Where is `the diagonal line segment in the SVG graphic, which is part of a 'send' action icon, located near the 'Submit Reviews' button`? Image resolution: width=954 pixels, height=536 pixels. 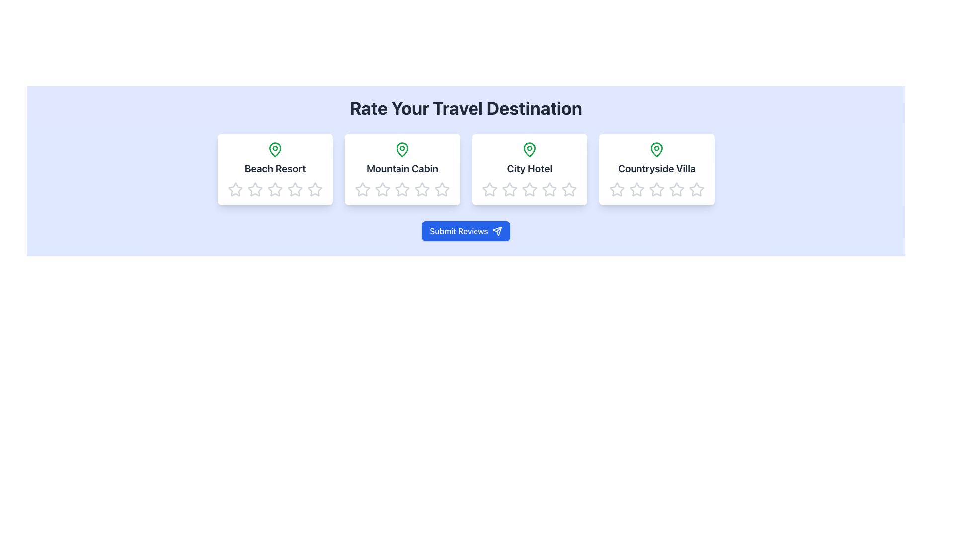
the diagonal line segment in the SVG graphic, which is part of a 'send' action icon, located near the 'Submit Reviews' button is located at coordinates (499, 229).